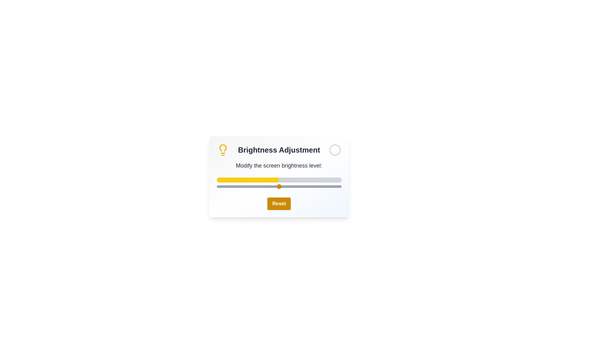 This screenshot has width=599, height=337. I want to click on the brightness slider to 0%, so click(217, 186).